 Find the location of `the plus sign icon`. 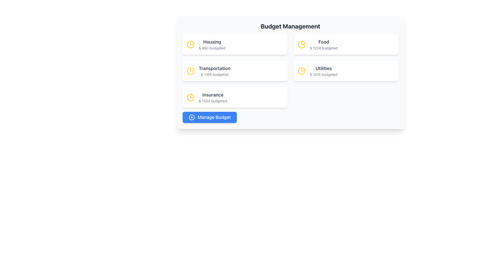

the plus sign icon is located at coordinates (191, 117).